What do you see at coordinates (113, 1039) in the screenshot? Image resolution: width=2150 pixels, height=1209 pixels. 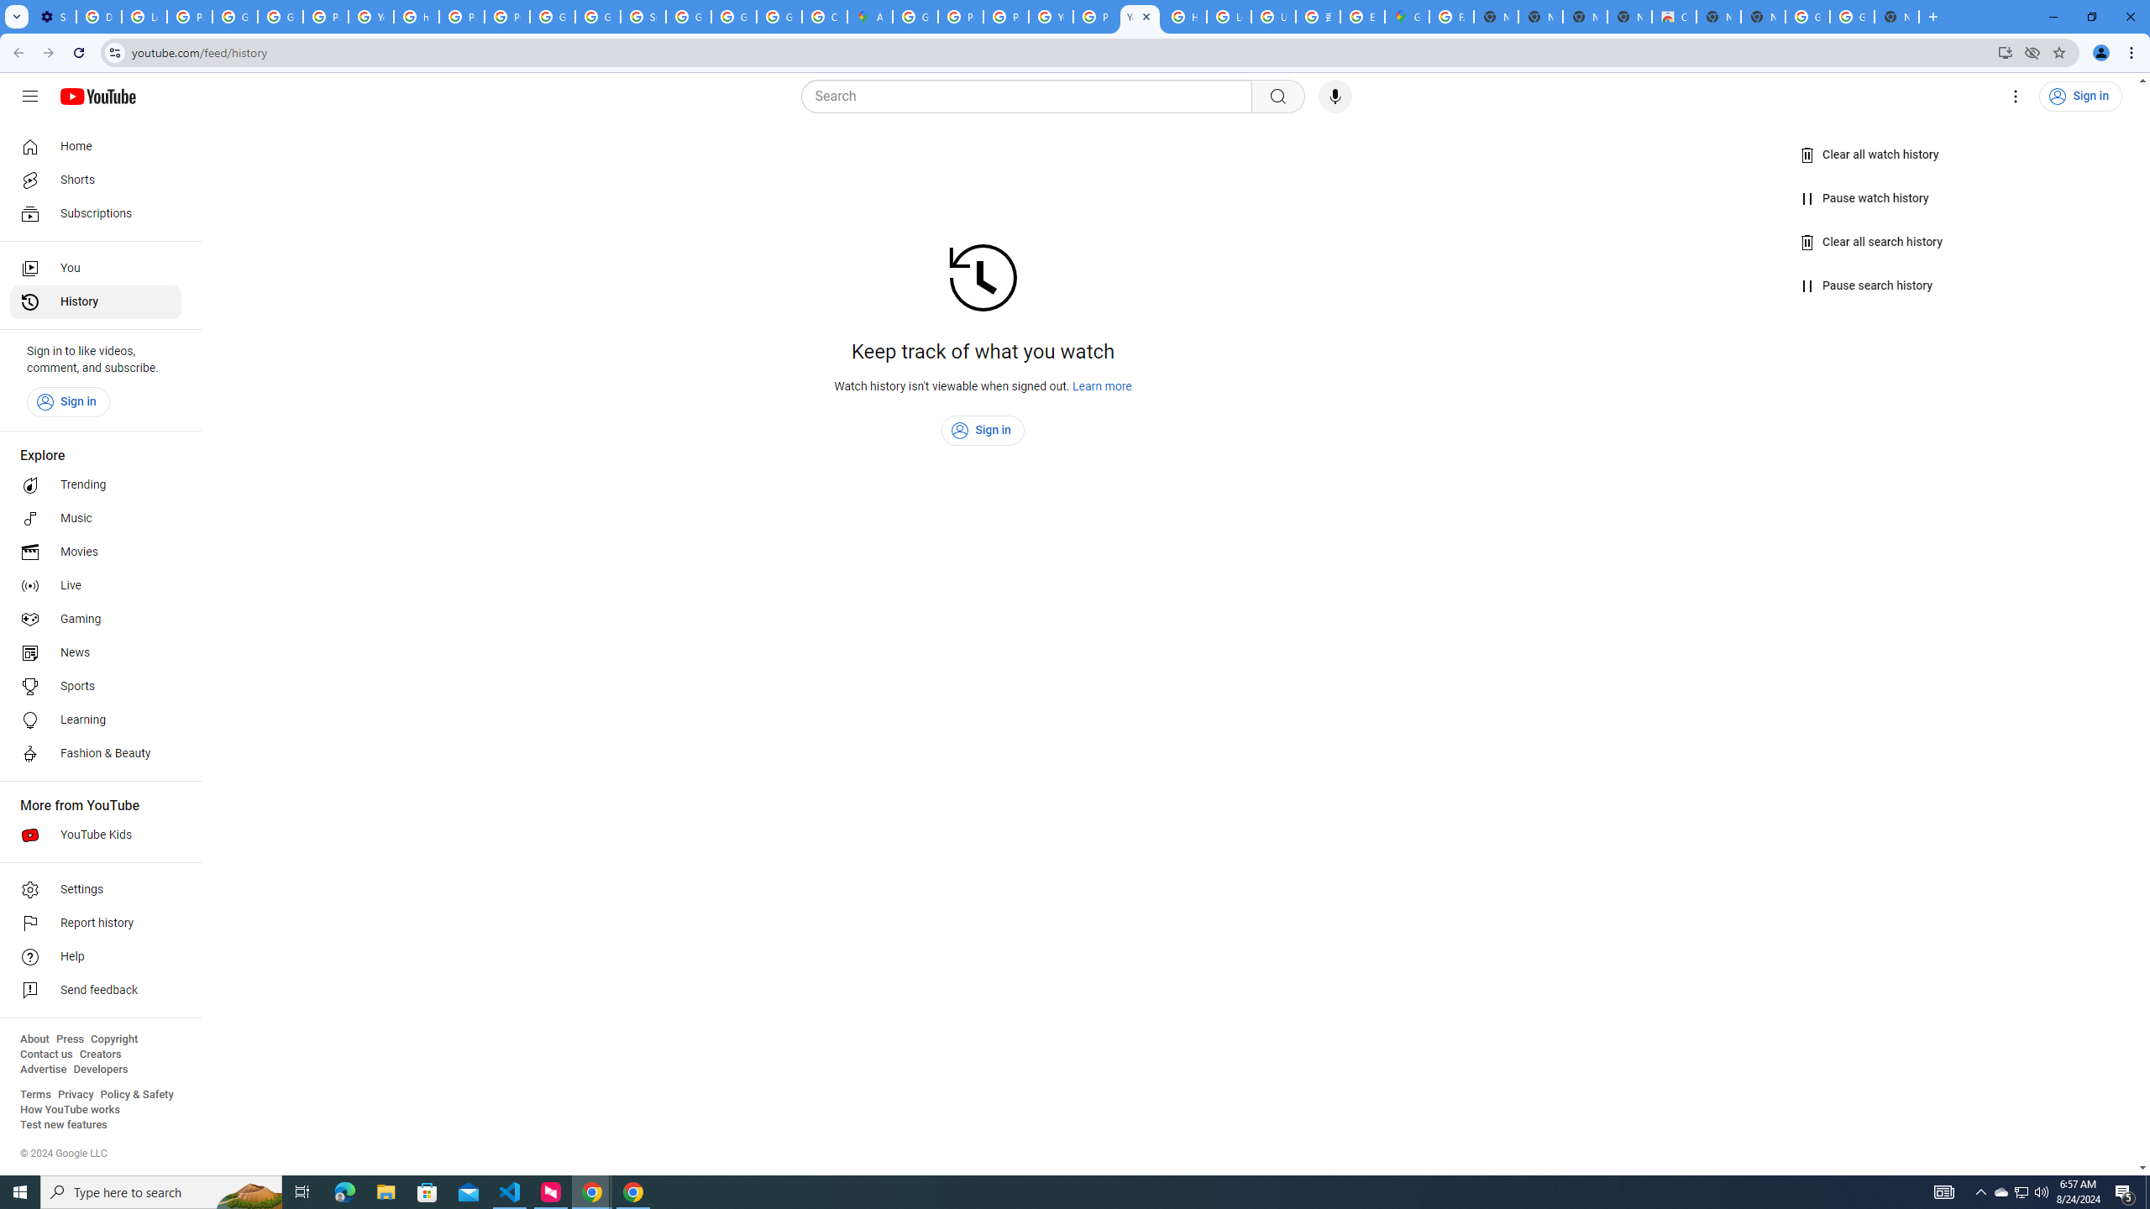 I see `'Copyright'` at bounding box center [113, 1039].